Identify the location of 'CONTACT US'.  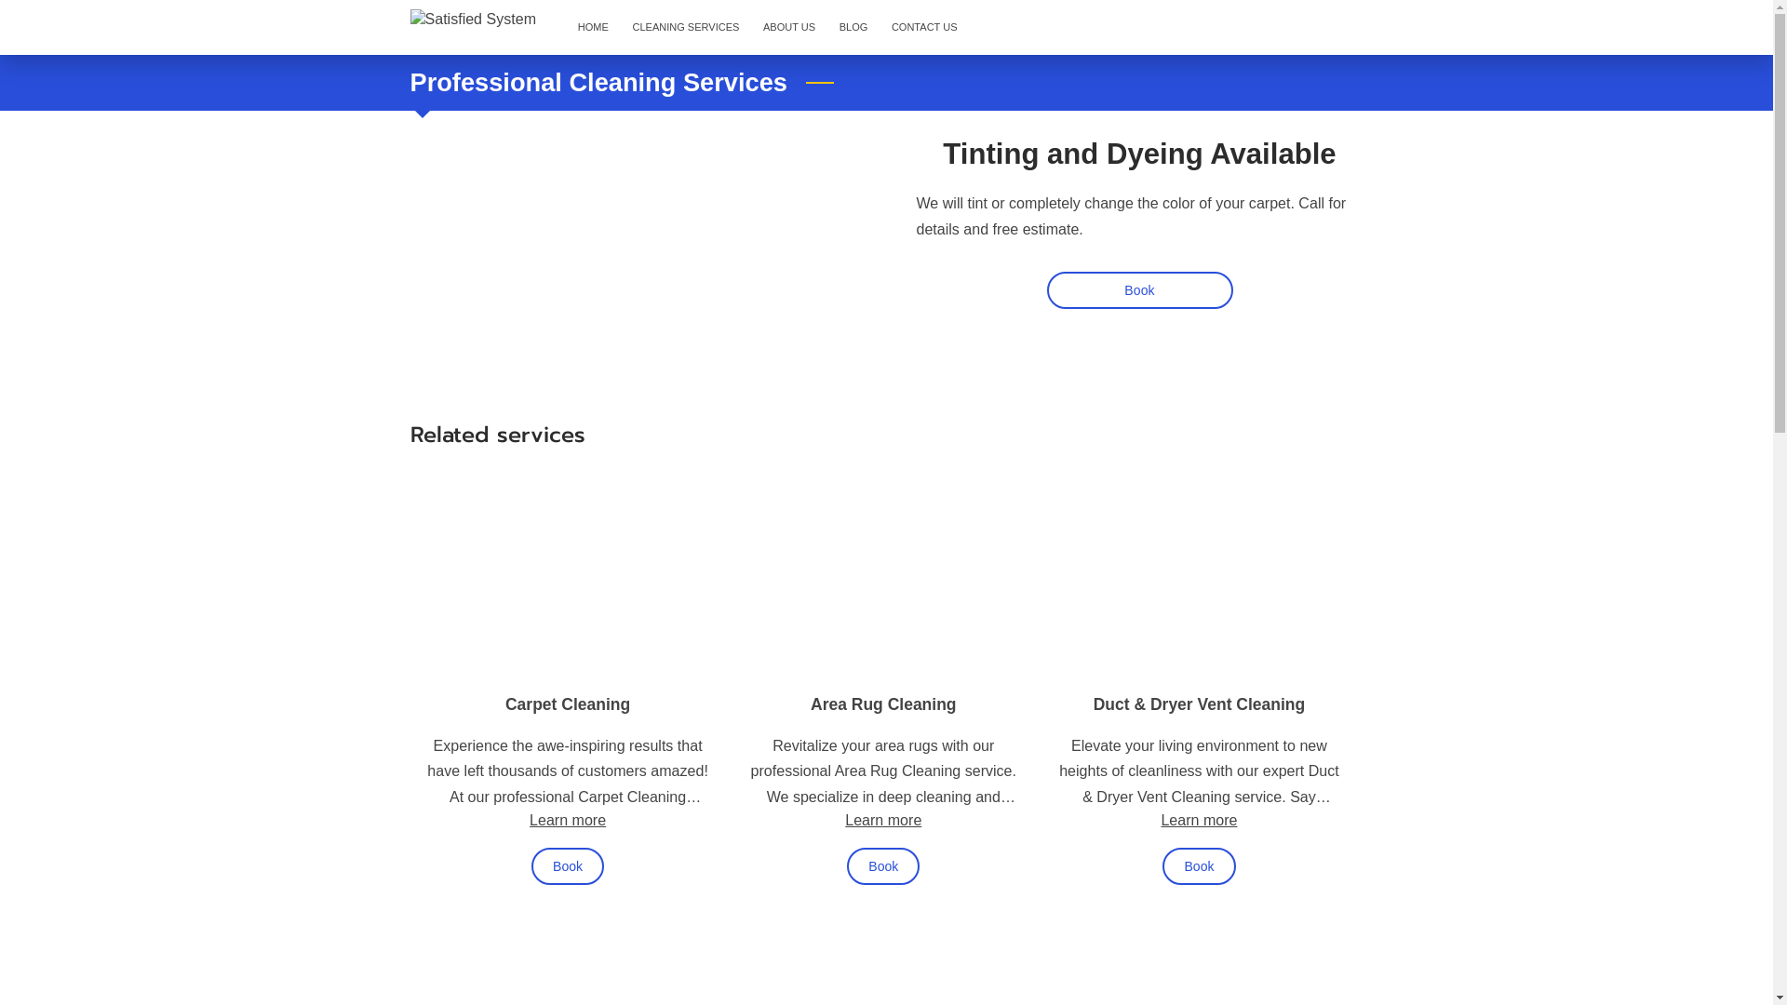
(924, 28).